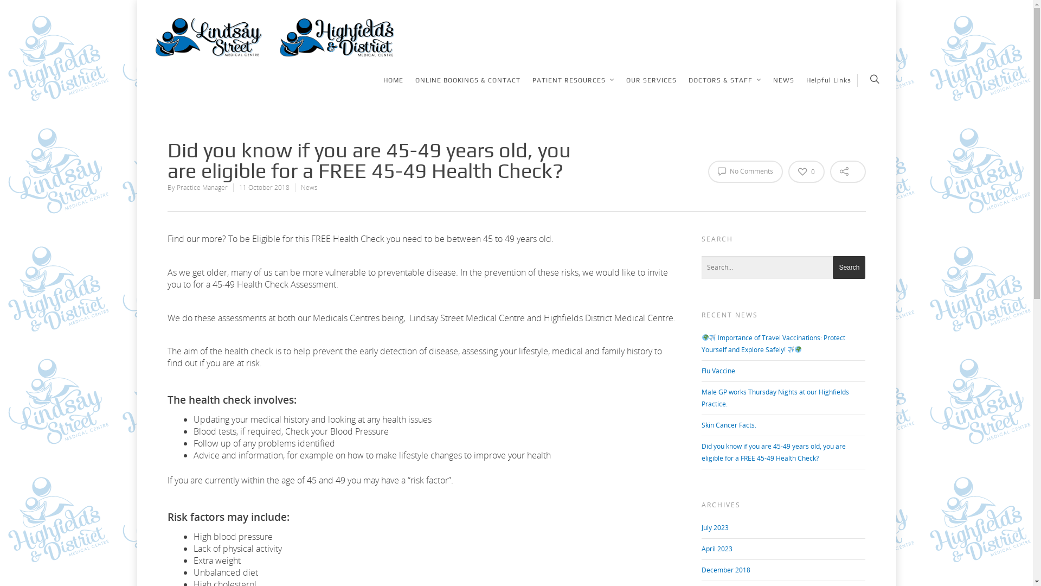 This screenshot has width=1041, height=586. I want to click on 'Male GP works Thursday Nights at our Highfields Practice.', so click(702, 398).